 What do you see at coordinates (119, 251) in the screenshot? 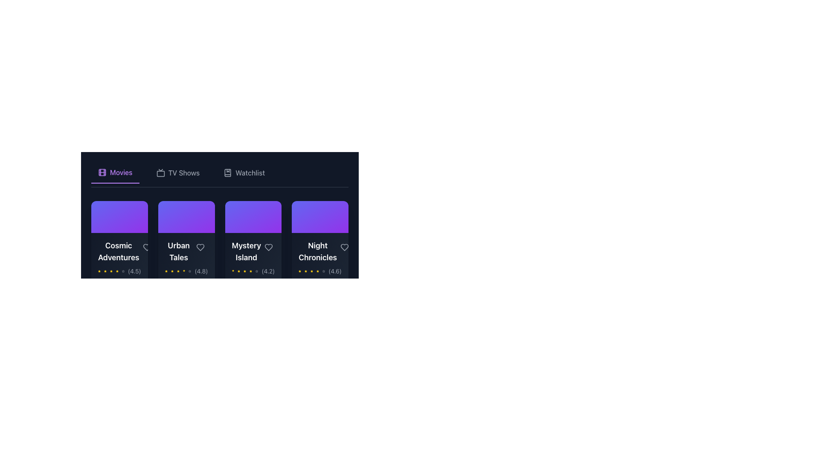
I see `text content of the Text Label displaying 'Cosmic Adventures', prominently styled in bold and white color, located within the first card of the movie list` at bounding box center [119, 251].